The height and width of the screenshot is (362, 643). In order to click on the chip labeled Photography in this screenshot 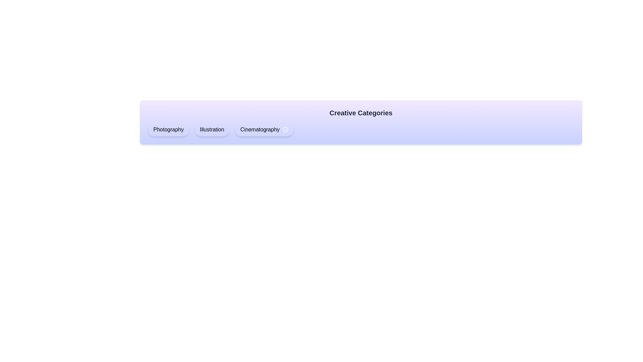, I will do `click(168, 129)`.